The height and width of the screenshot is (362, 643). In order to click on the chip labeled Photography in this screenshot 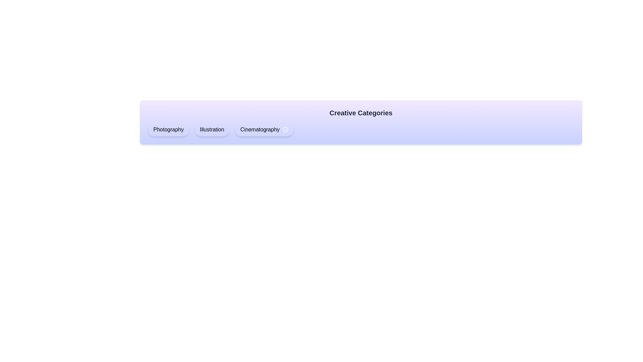, I will do `click(168, 129)`.